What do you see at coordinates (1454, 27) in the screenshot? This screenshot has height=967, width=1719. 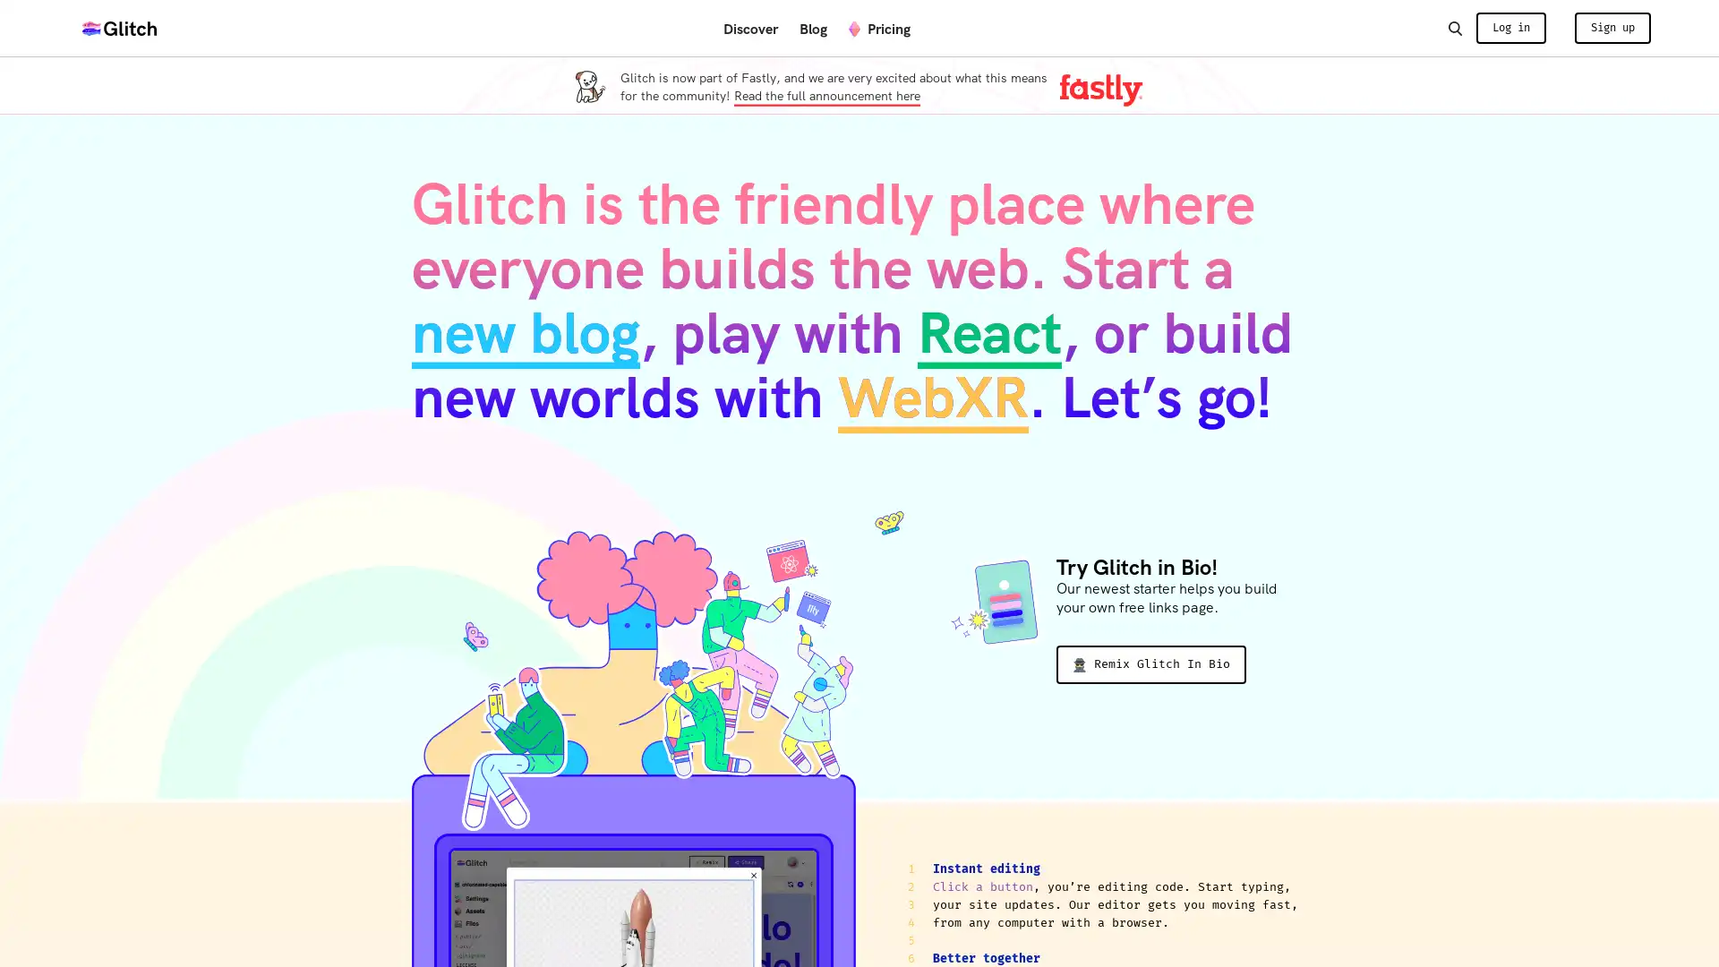 I see `Search Glitch` at bounding box center [1454, 27].